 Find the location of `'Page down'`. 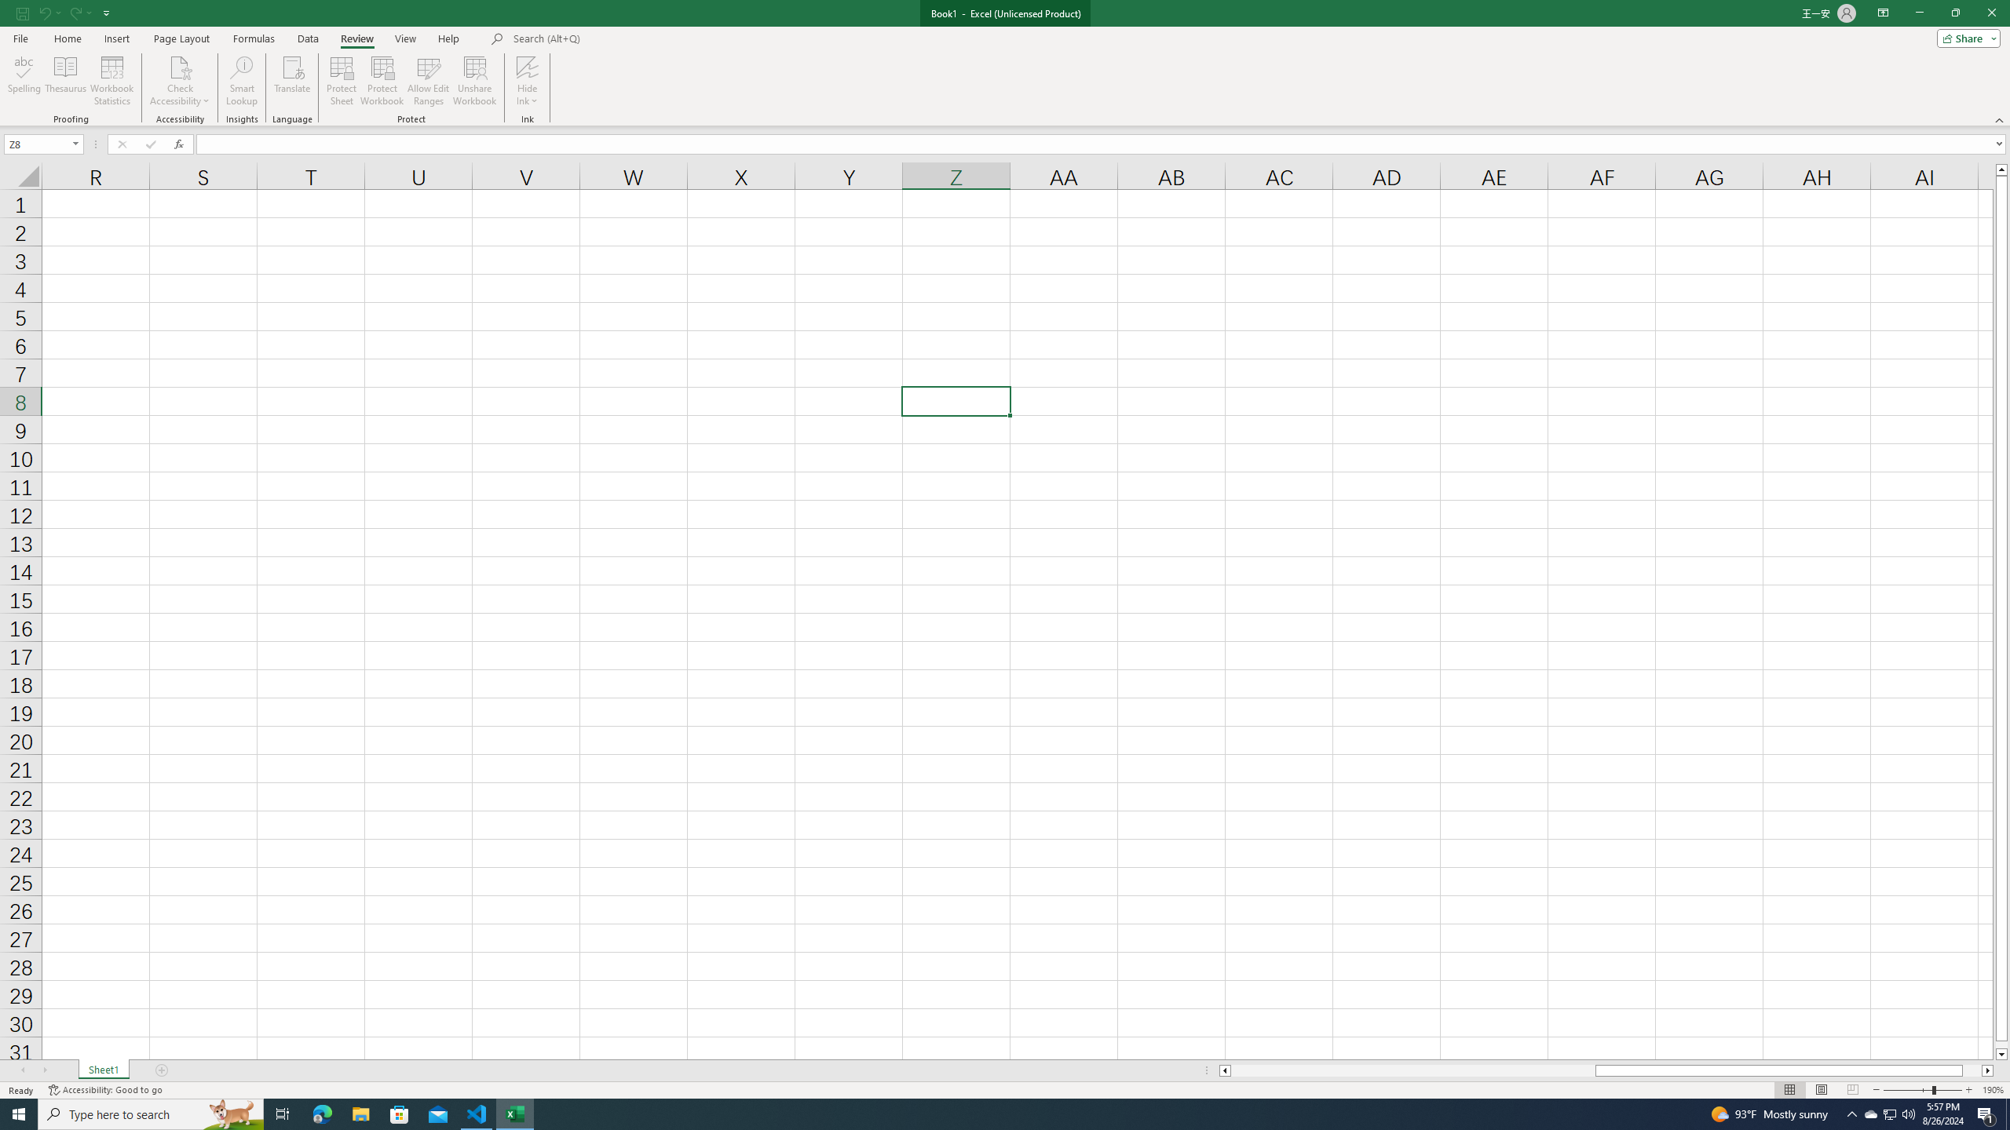

'Page down' is located at coordinates (2001, 1045).